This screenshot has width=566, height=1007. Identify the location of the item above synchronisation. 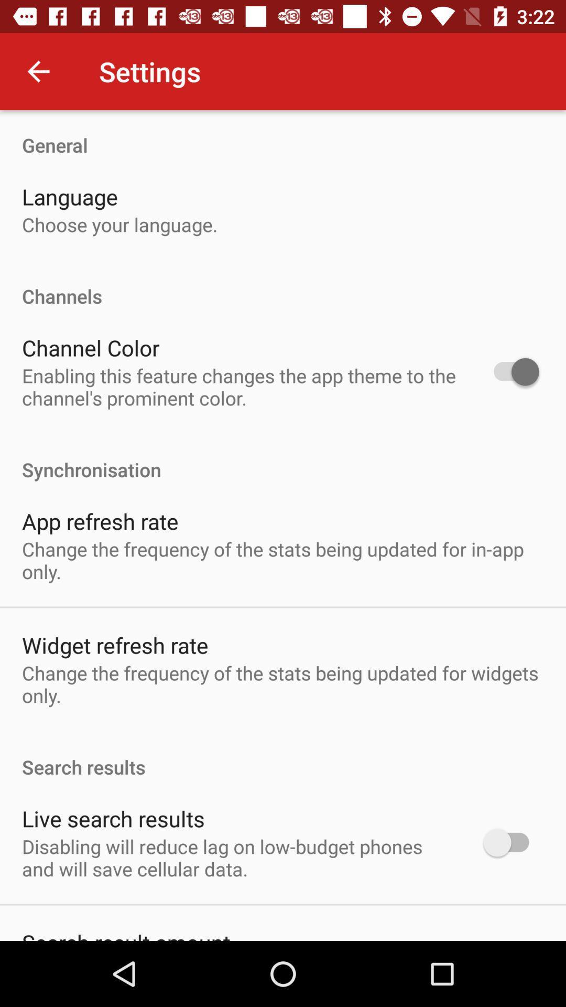
(239, 386).